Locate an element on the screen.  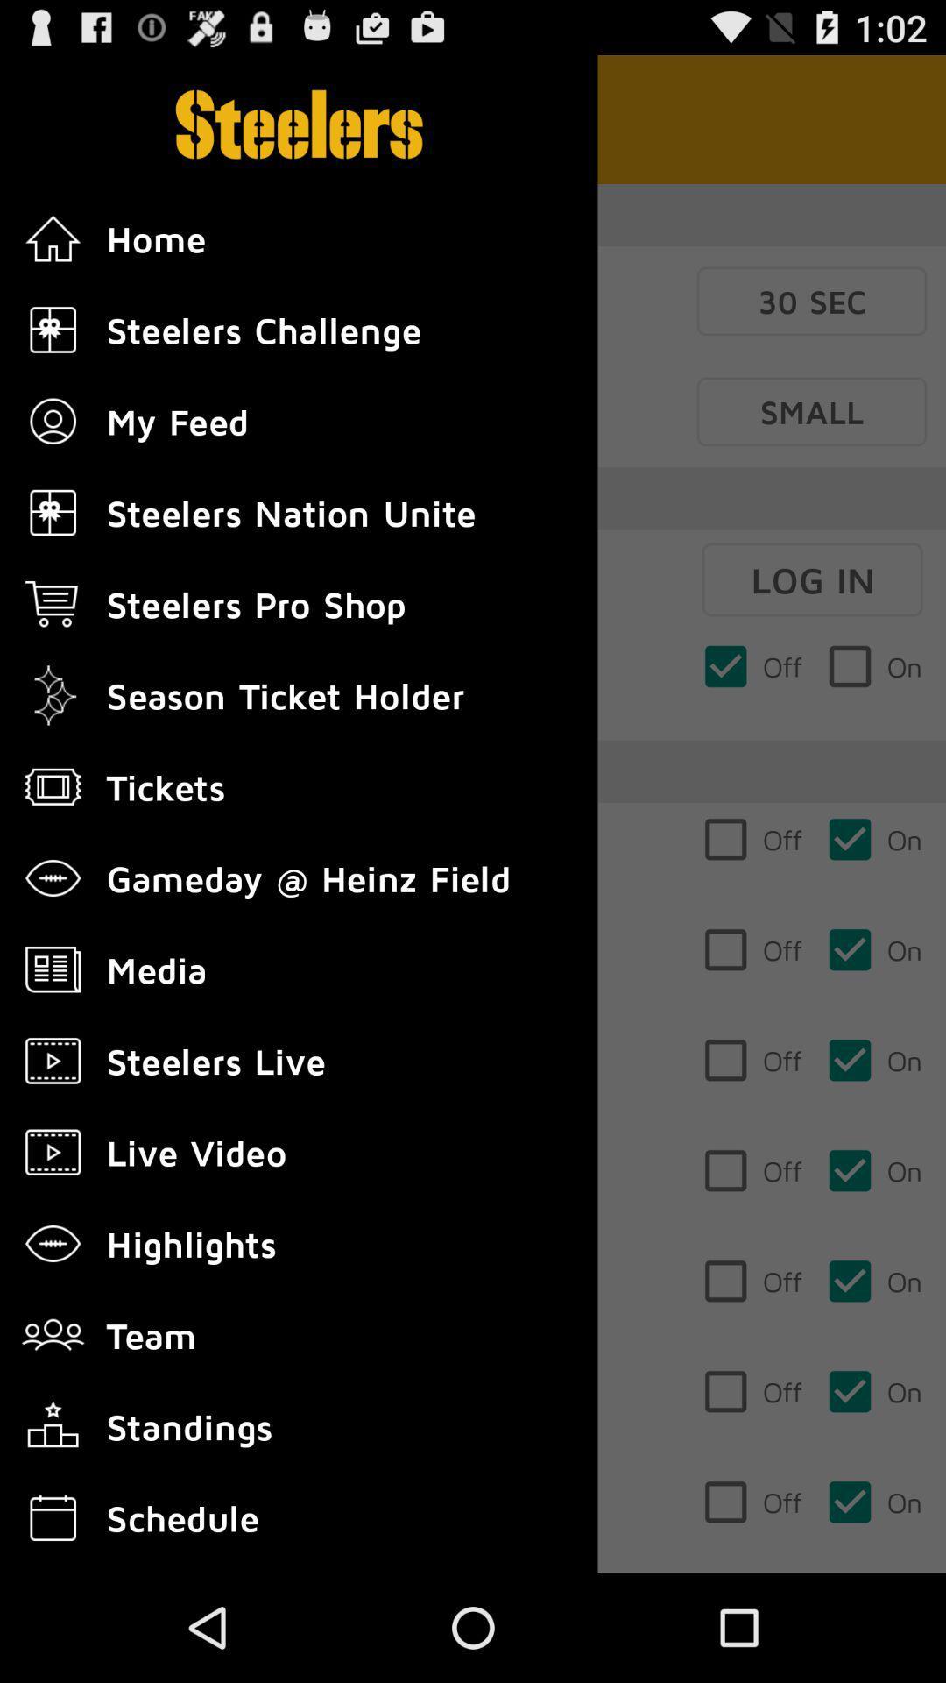
third checkbox of on below log in is located at coordinates (874, 949).